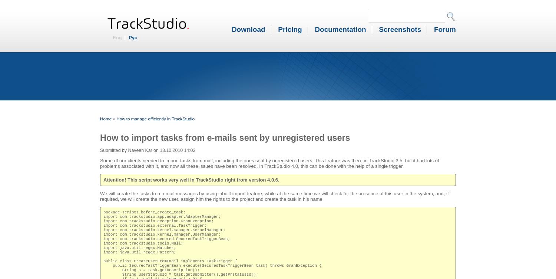 This screenshot has height=279, width=556. Describe the element at coordinates (117, 37) in the screenshot. I see `'Eng'` at that location.